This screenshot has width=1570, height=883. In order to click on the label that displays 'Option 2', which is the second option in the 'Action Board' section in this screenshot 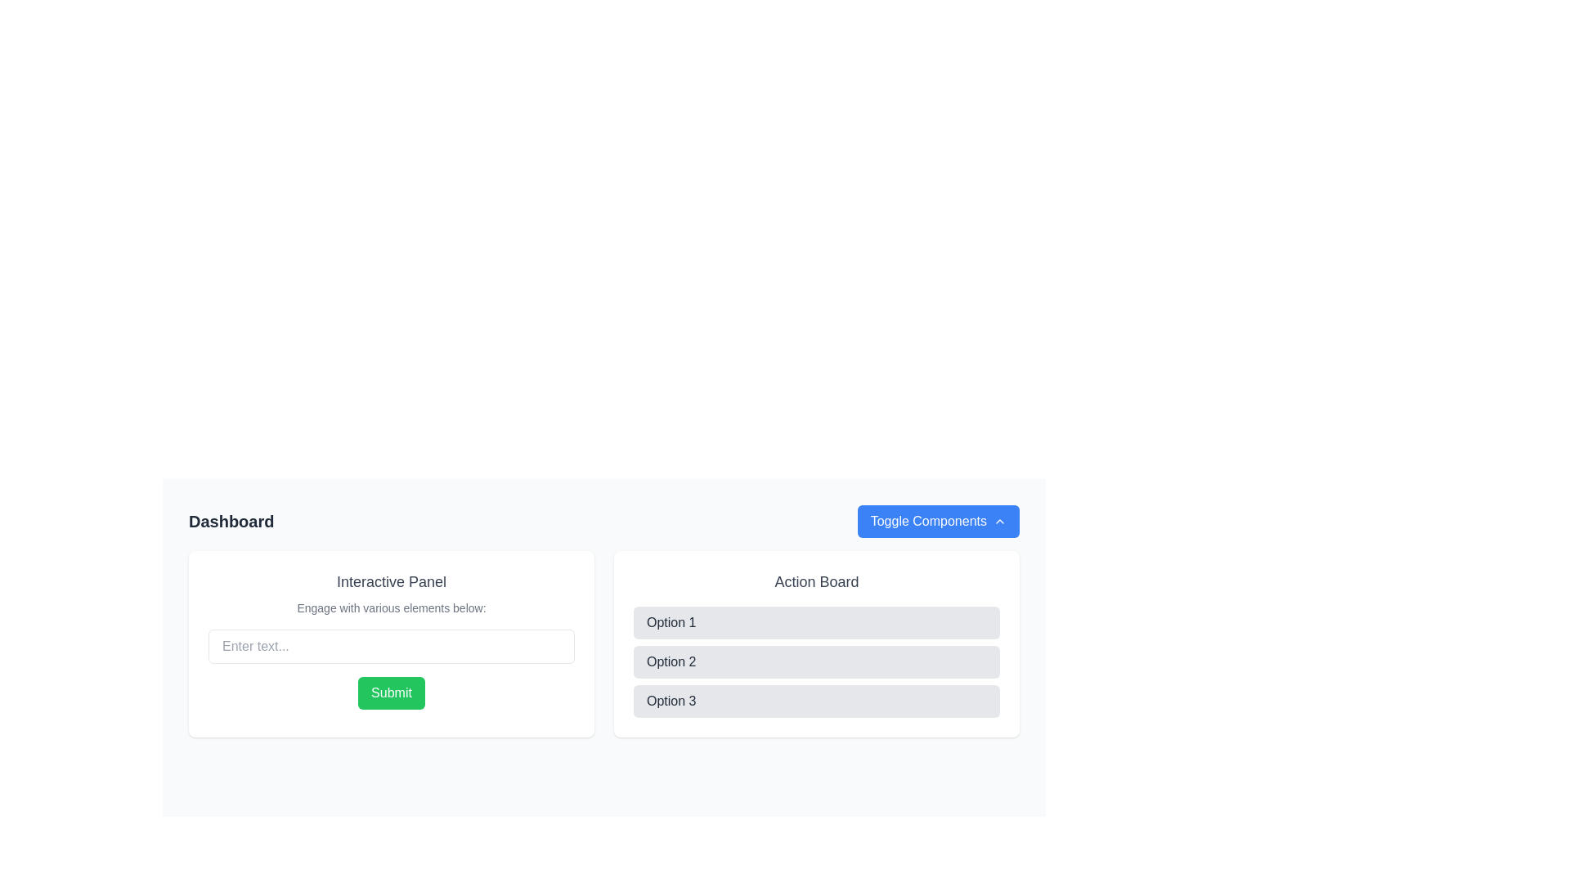, I will do `click(671, 662)`.